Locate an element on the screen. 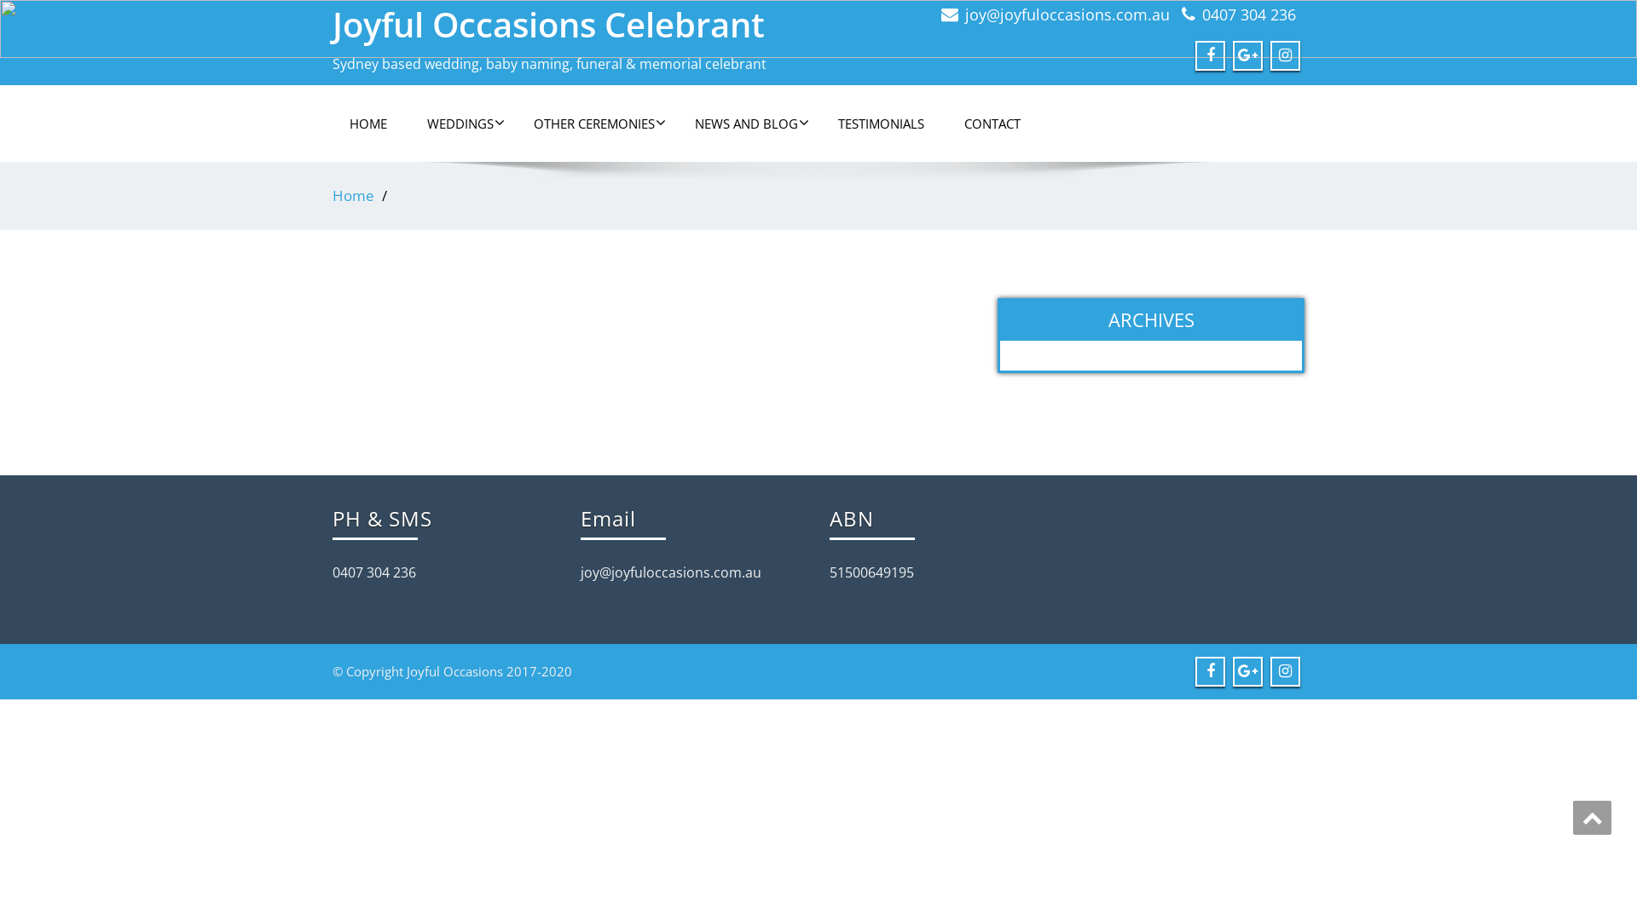  'Home' is located at coordinates (352, 194).